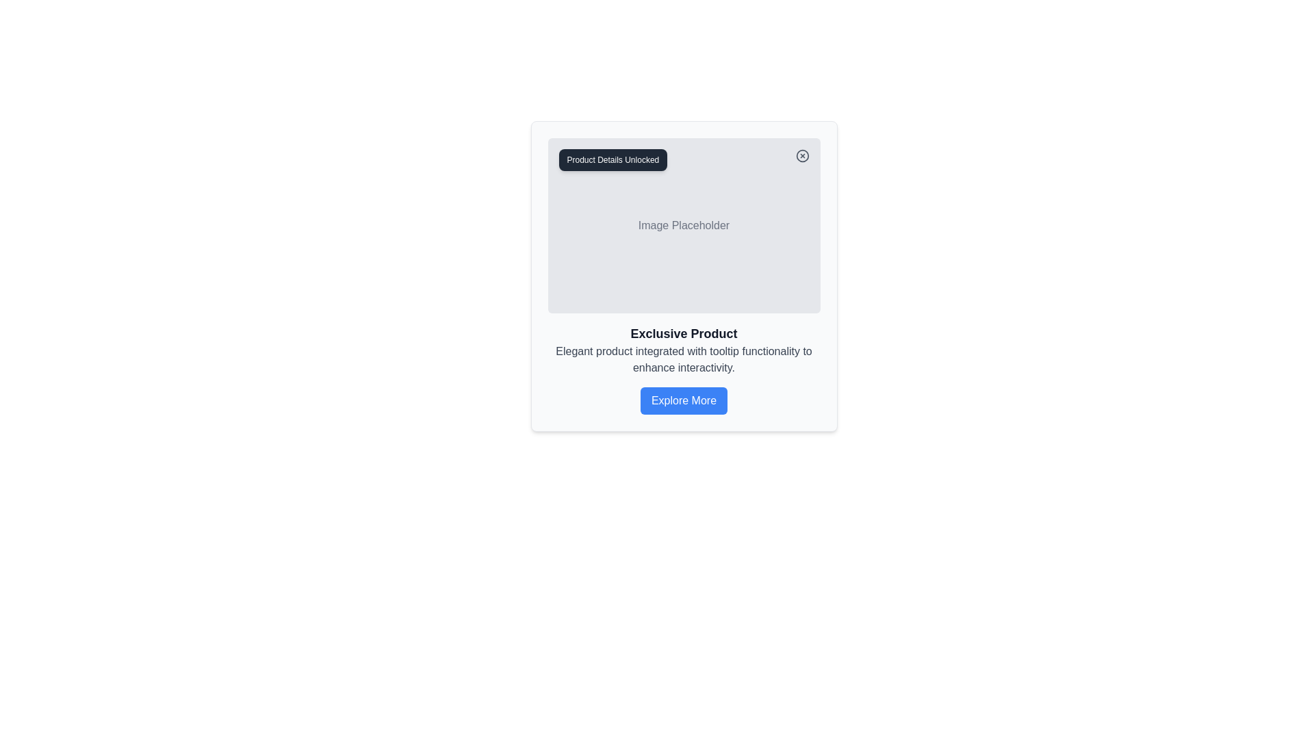 This screenshot has height=739, width=1314. What do you see at coordinates (684, 334) in the screenshot?
I see `text from the 'Exclusive Product' label, which is prominently displayed in a bold, large font below an image placeholder` at bounding box center [684, 334].